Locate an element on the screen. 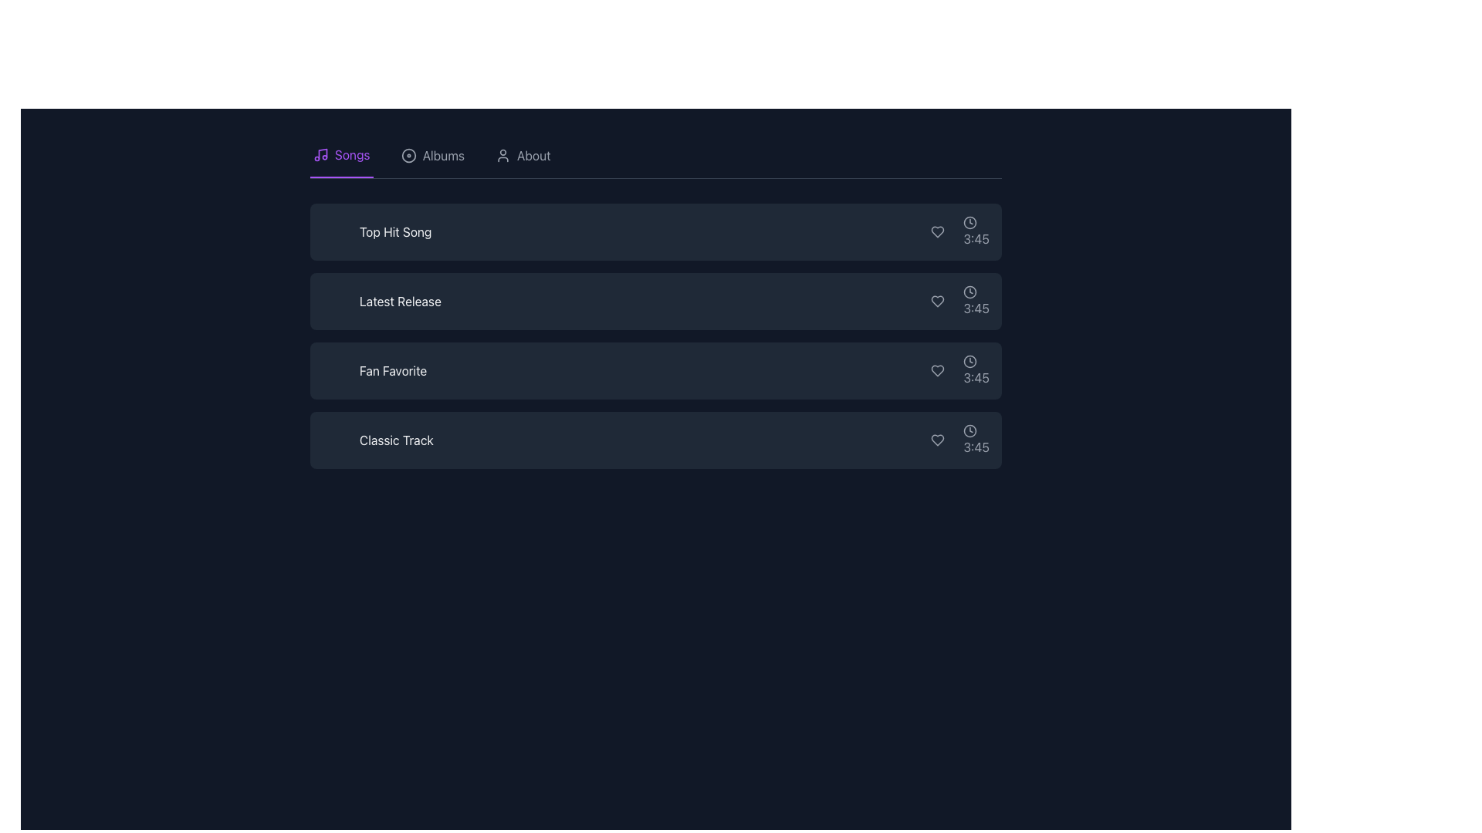 The height and width of the screenshot is (833, 1482). the decorative graphical element that is part of the circular icon beside the 'Albums' label in the navigation bar is located at coordinates (408, 155).